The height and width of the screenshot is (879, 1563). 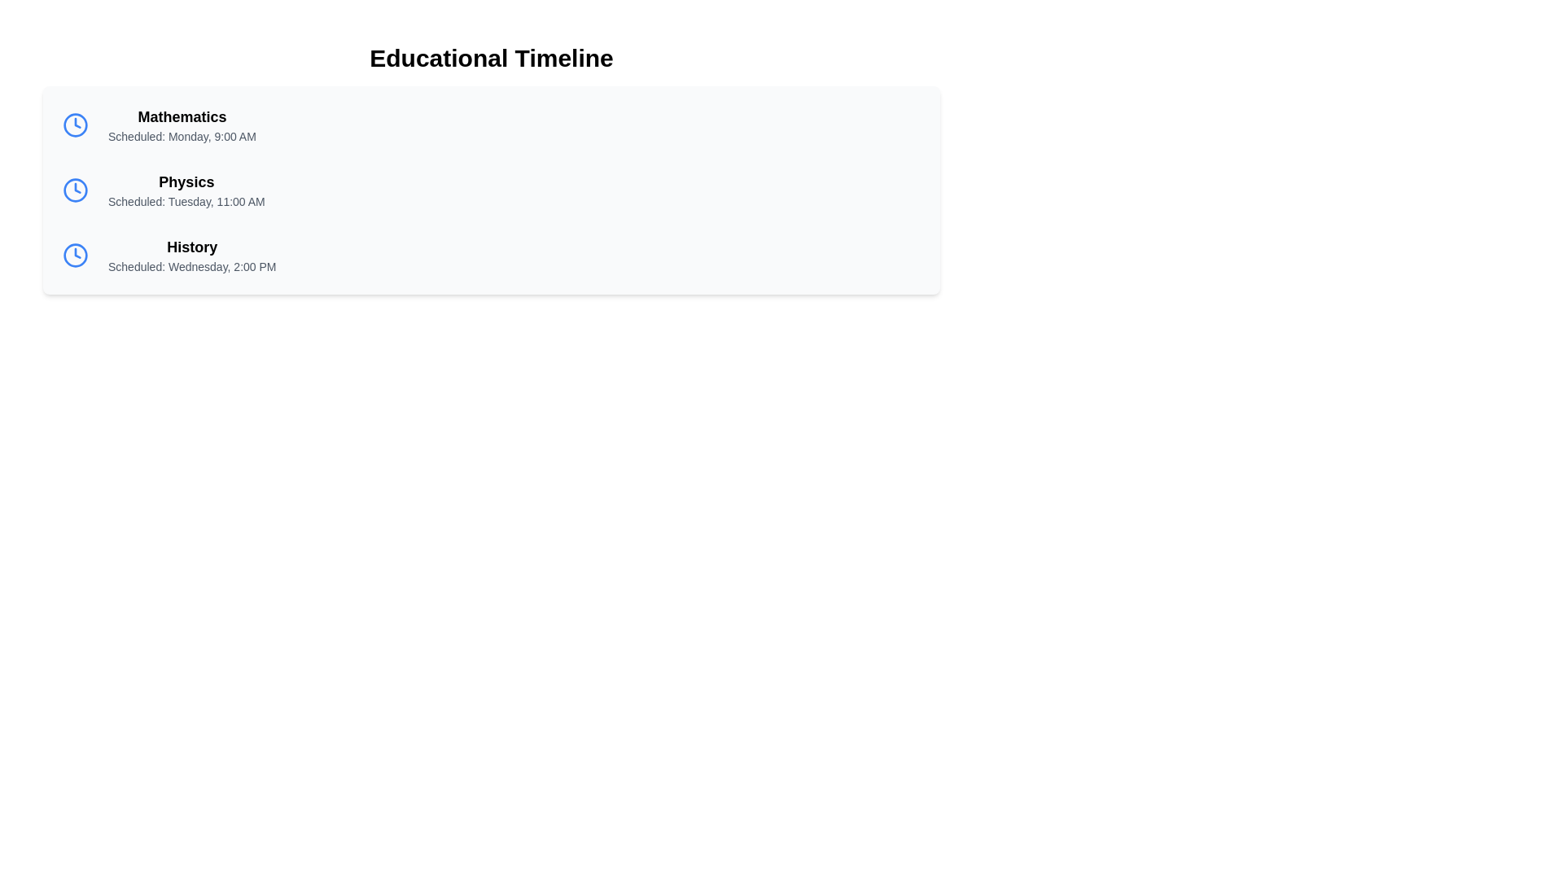 I want to click on the static text label displaying 'Scheduled: Wednesday, 2:00 PM', which is located below the 'History' title in the Educational Timeline section, so click(x=192, y=265).